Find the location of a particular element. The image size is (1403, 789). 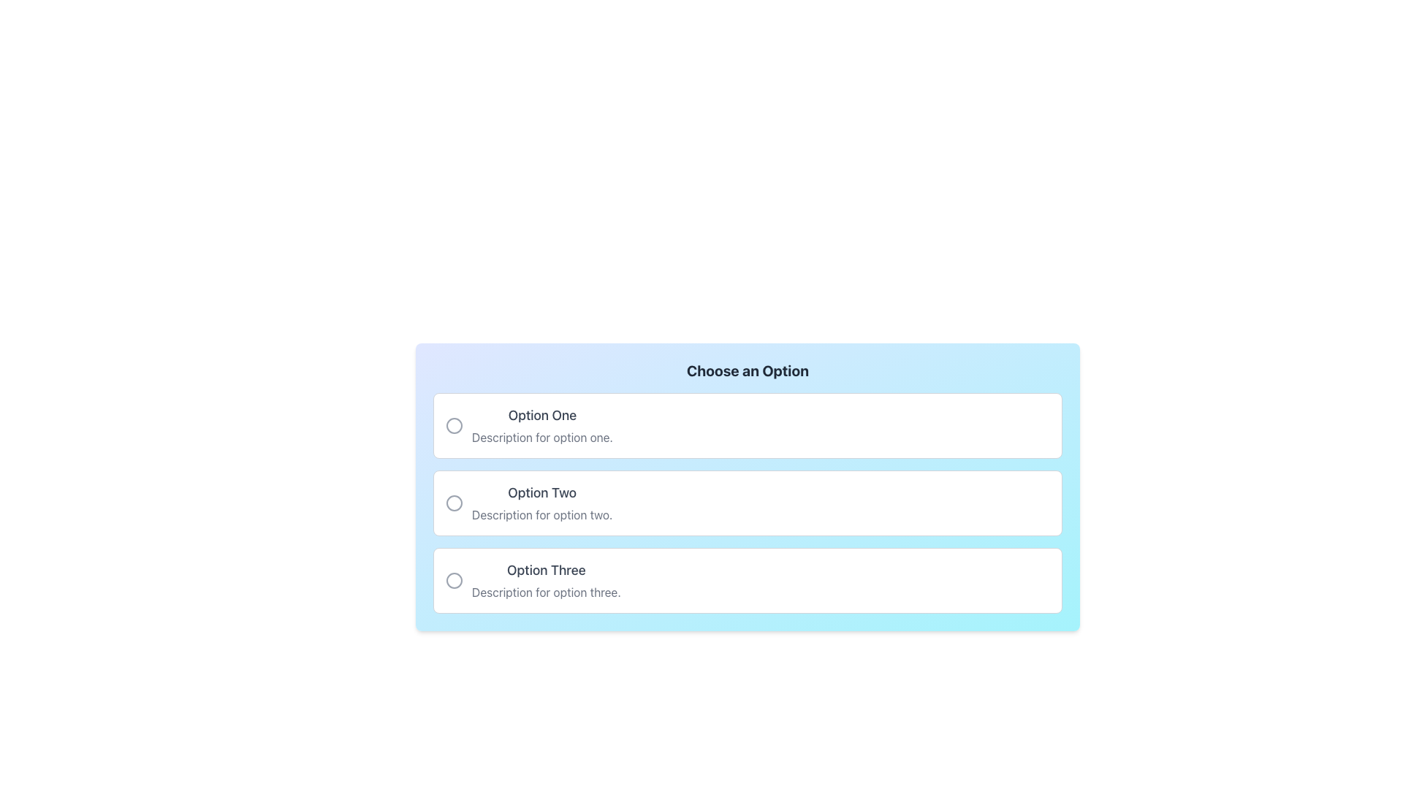

the text label element reading 'Description for option two', which is styled in gray and located below the heading 'Option Two' in a vertical list interface is located at coordinates (541, 514).